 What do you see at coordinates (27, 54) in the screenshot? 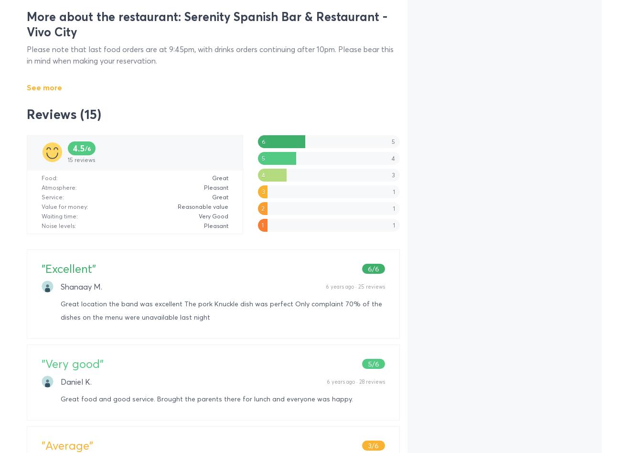
I see `'Please note that last food orders are at 9:45pm, with drinks orders continuing after 10pm. Please bear this in mind when making your reservation.'` at bounding box center [27, 54].